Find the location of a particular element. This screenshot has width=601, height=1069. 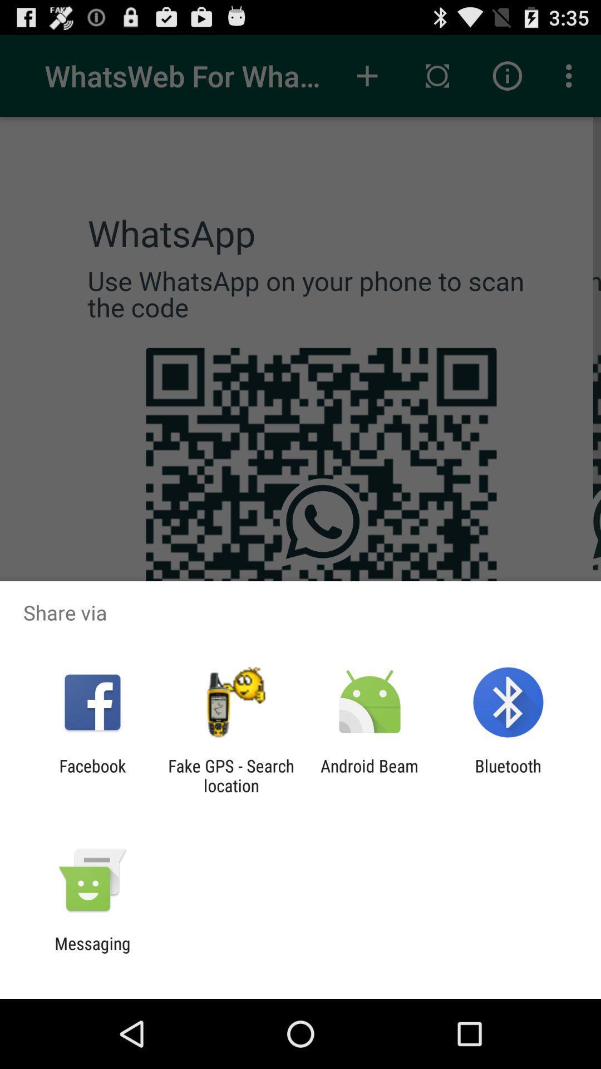

app to the right of the fake gps search app is located at coordinates (370, 775).